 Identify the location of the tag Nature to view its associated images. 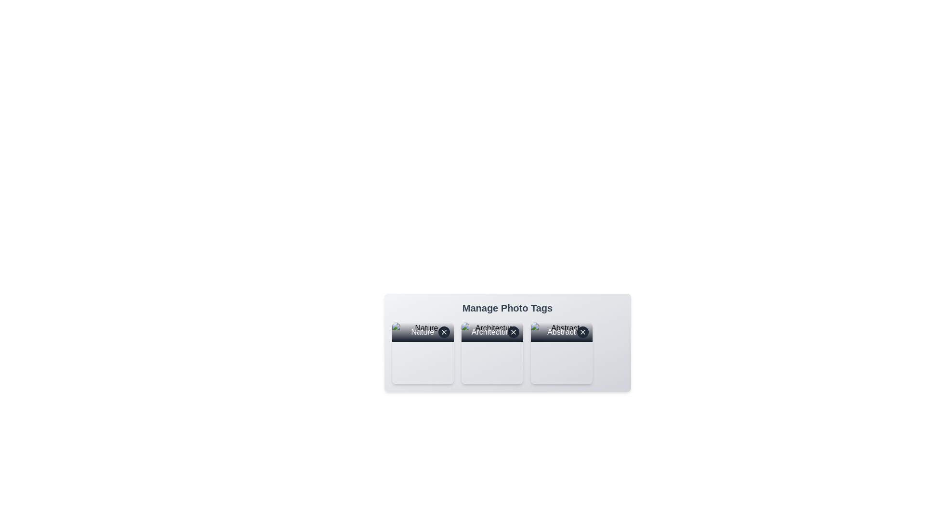
(423, 353).